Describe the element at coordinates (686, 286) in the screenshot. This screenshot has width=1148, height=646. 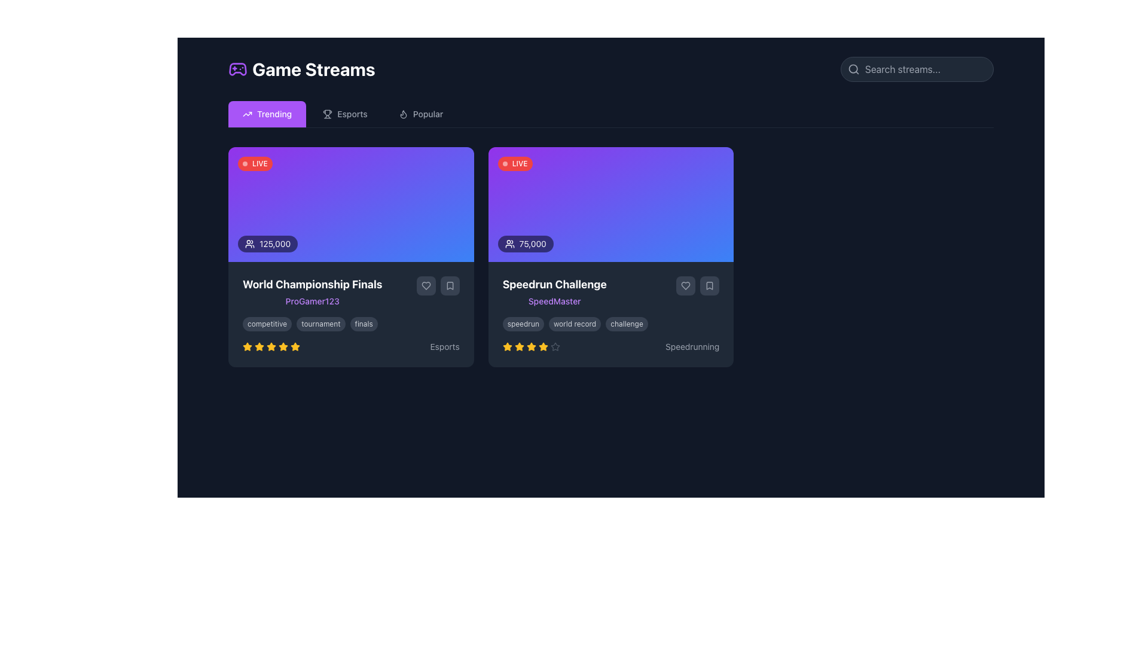
I see `the heart icon located in the favorite section of the 'Speedrun Challenge' card to mark it as liked` at that location.